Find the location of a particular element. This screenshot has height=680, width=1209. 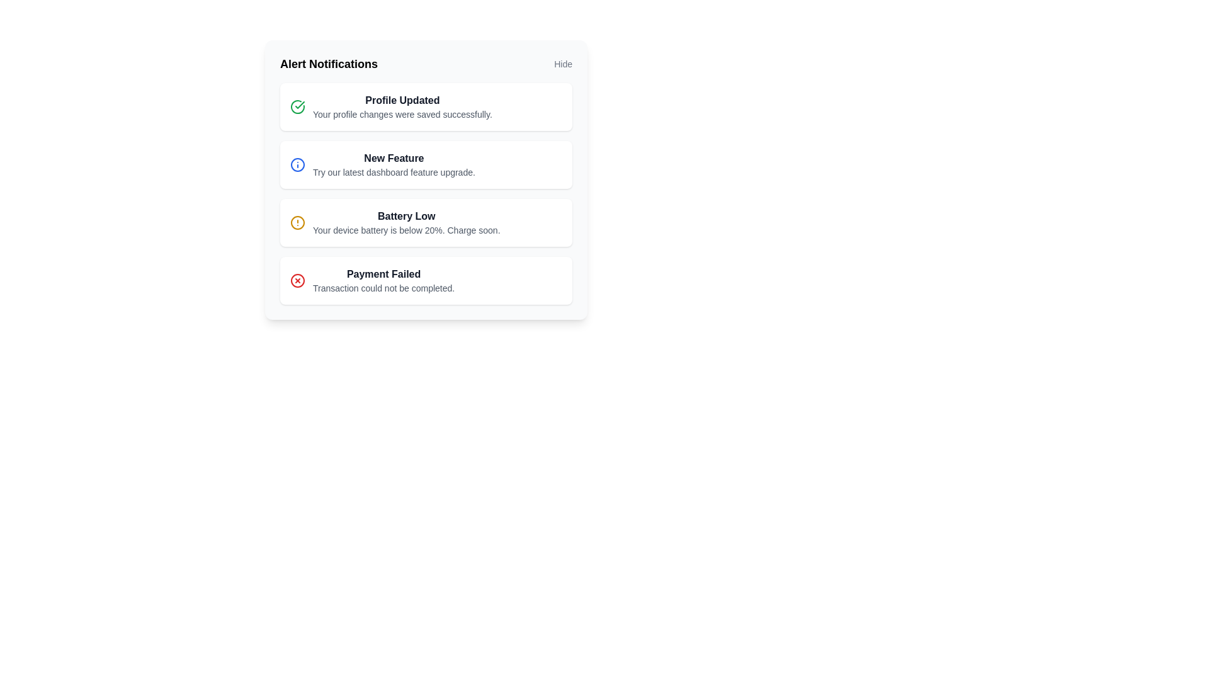

additional detail text about the low battery status located in the third notification card titled 'Alert Notifications', positioned below the heading 'Battery Low' is located at coordinates (406, 230).